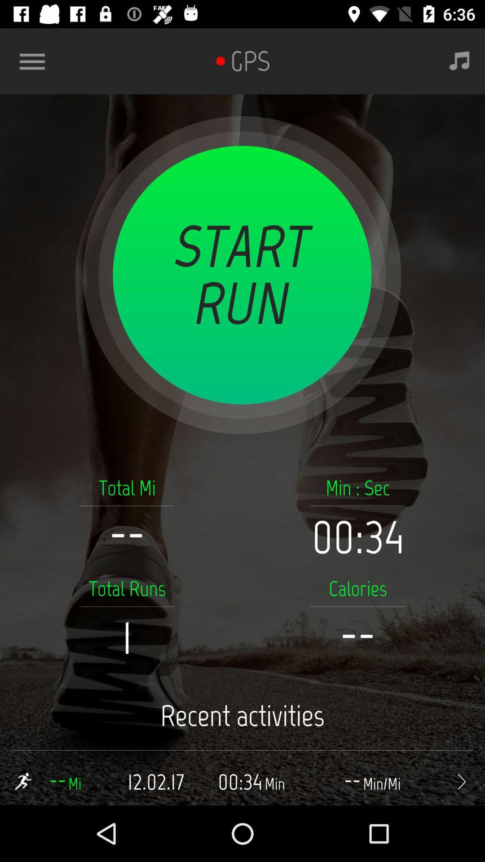 The width and height of the screenshot is (485, 862). What do you see at coordinates (459, 61) in the screenshot?
I see `music option` at bounding box center [459, 61].